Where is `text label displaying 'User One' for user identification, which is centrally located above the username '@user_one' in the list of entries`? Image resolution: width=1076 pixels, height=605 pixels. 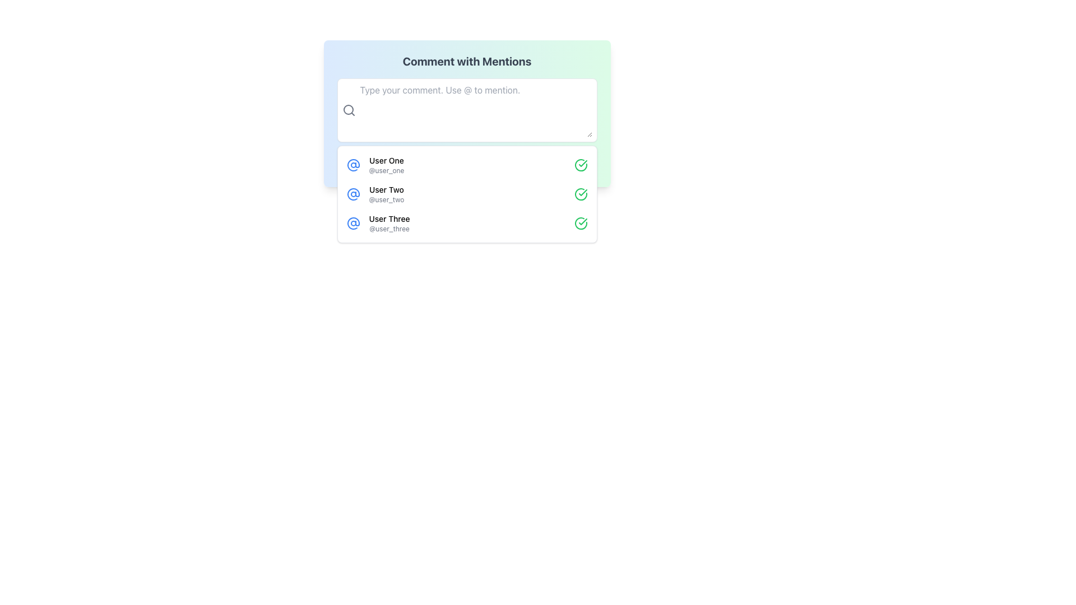
text label displaying 'User One' for user identification, which is centrally located above the username '@user_one' in the list of entries is located at coordinates (387, 160).